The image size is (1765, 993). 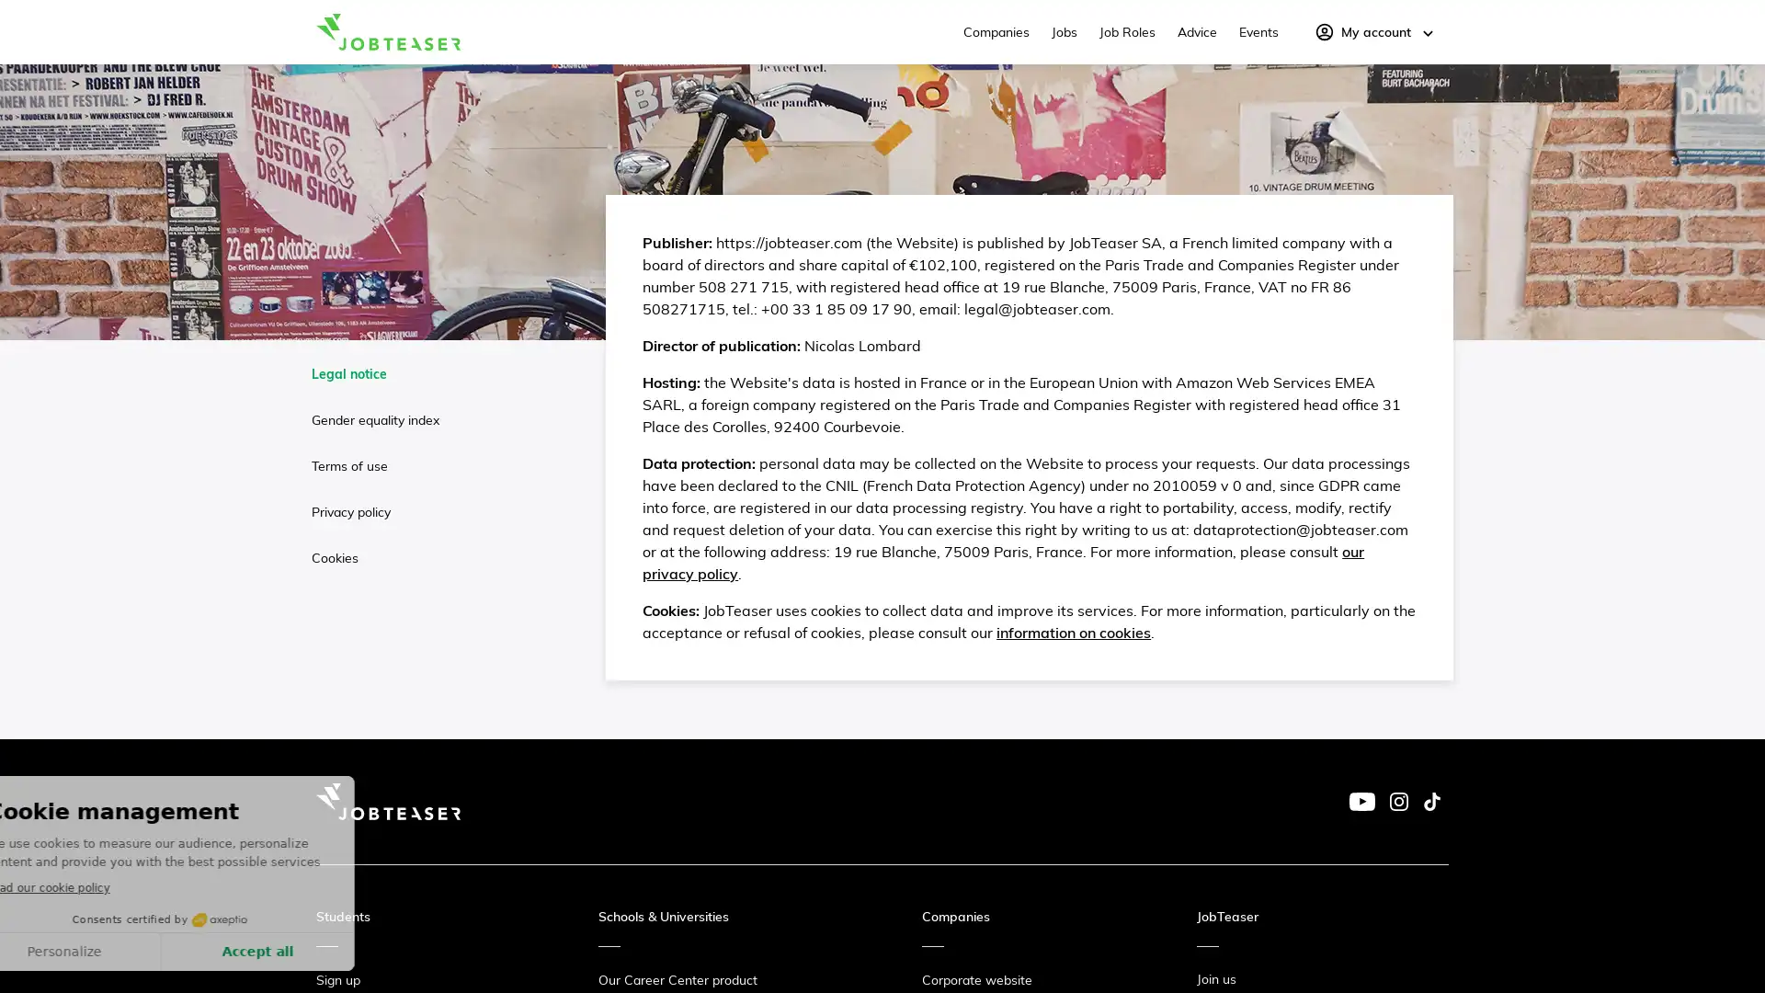 I want to click on Personalize, so click(x=113, y=951).